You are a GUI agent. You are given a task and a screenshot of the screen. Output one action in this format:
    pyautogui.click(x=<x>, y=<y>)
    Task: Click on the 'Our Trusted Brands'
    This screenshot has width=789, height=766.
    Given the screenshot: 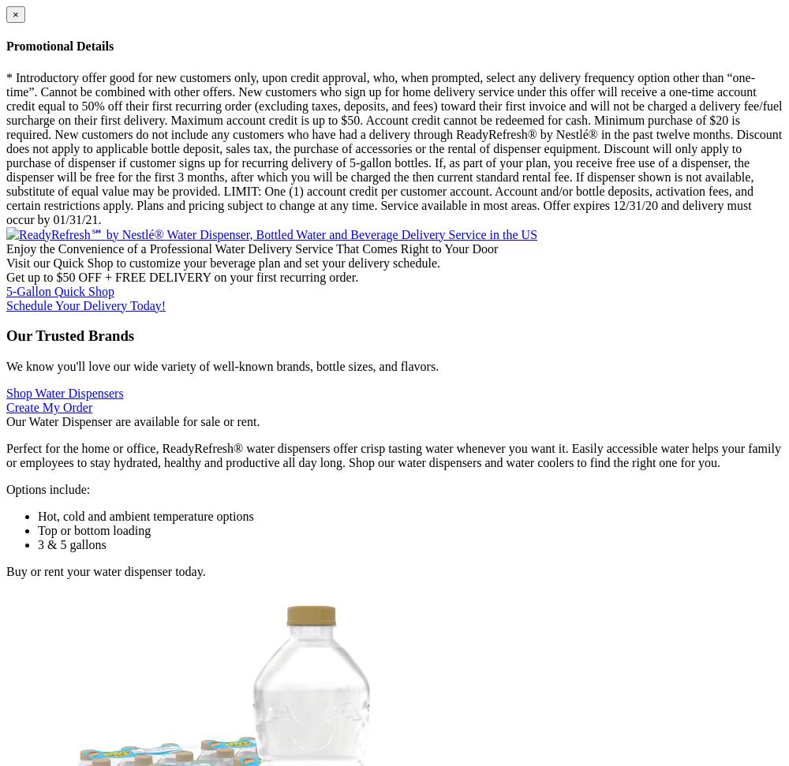 What is the action you would take?
    pyautogui.click(x=69, y=334)
    